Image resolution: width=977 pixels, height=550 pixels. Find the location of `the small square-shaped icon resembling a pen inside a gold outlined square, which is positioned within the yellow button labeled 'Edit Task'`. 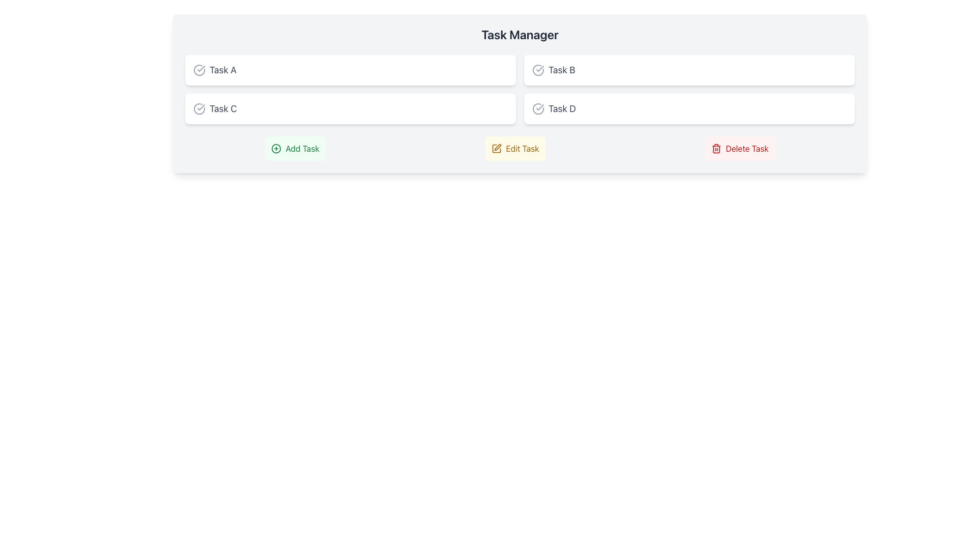

the small square-shaped icon resembling a pen inside a gold outlined square, which is positioned within the yellow button labeled 'Edit Task' is located at coordinates (497, 149).